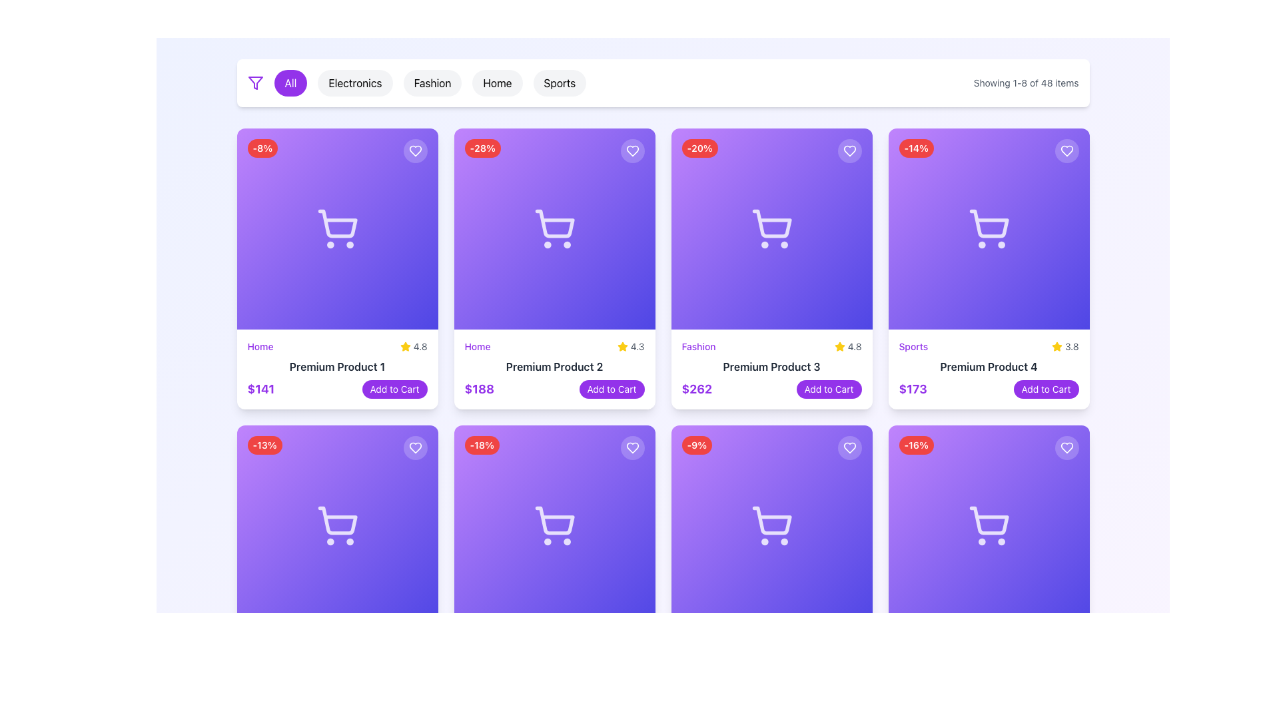 The height and width of the screenshot is (719, 1279). I want to click on the yellow star-shaped icon indicating a rating or favorite feature, located in the second card of the top row in the grid layout, so click(404, 346).